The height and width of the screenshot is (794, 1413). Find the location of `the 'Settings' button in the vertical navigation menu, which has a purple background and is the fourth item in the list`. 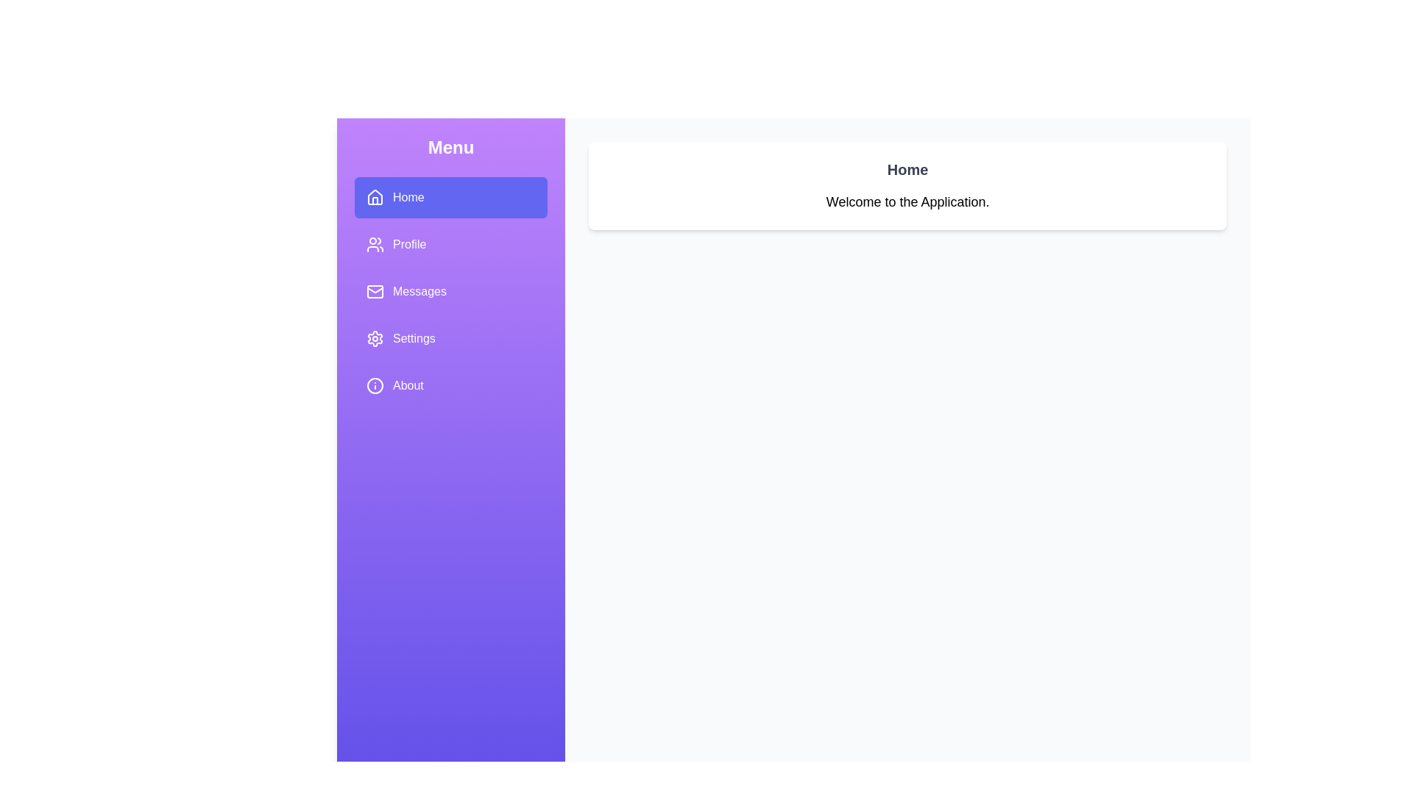

the 'Settings' button in the vertical navigation menu, which has a purple background and is the fourth item in the list is located at coordinates (450, 339).